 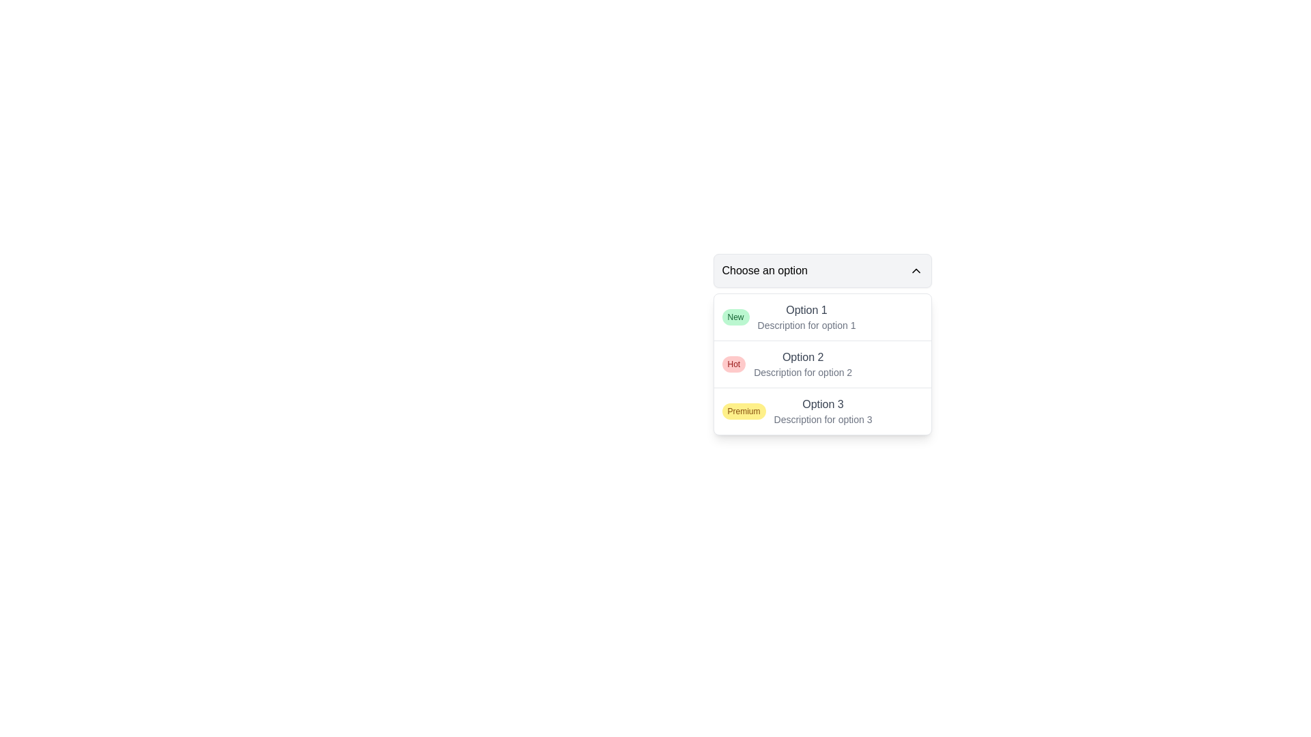 What do you see at coordinates (821, 317) in the screenshot?
I see `the first list item with a green badge labeled 'New', bold main text 'Option 1', and smaller descriptive text 'Description for option 1'` at bounding box center [821, 317].